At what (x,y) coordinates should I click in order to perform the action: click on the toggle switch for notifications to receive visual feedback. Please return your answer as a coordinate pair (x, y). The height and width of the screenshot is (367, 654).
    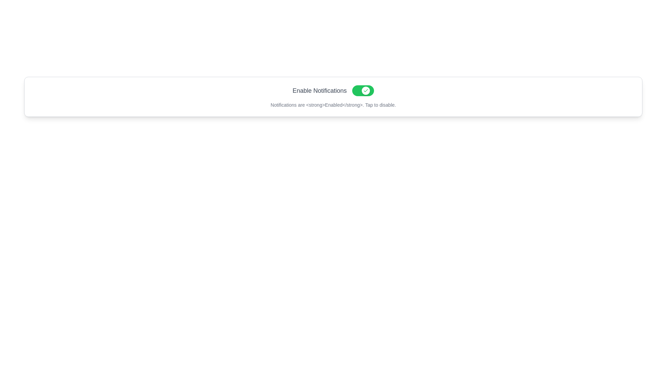
    Looking at the image, I should click on (362, 90).